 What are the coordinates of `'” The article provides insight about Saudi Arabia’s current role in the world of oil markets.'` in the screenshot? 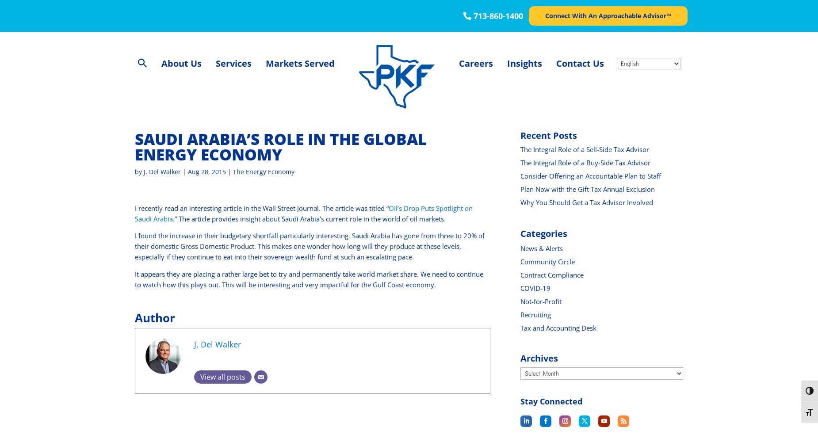 It's located at (310, 218).